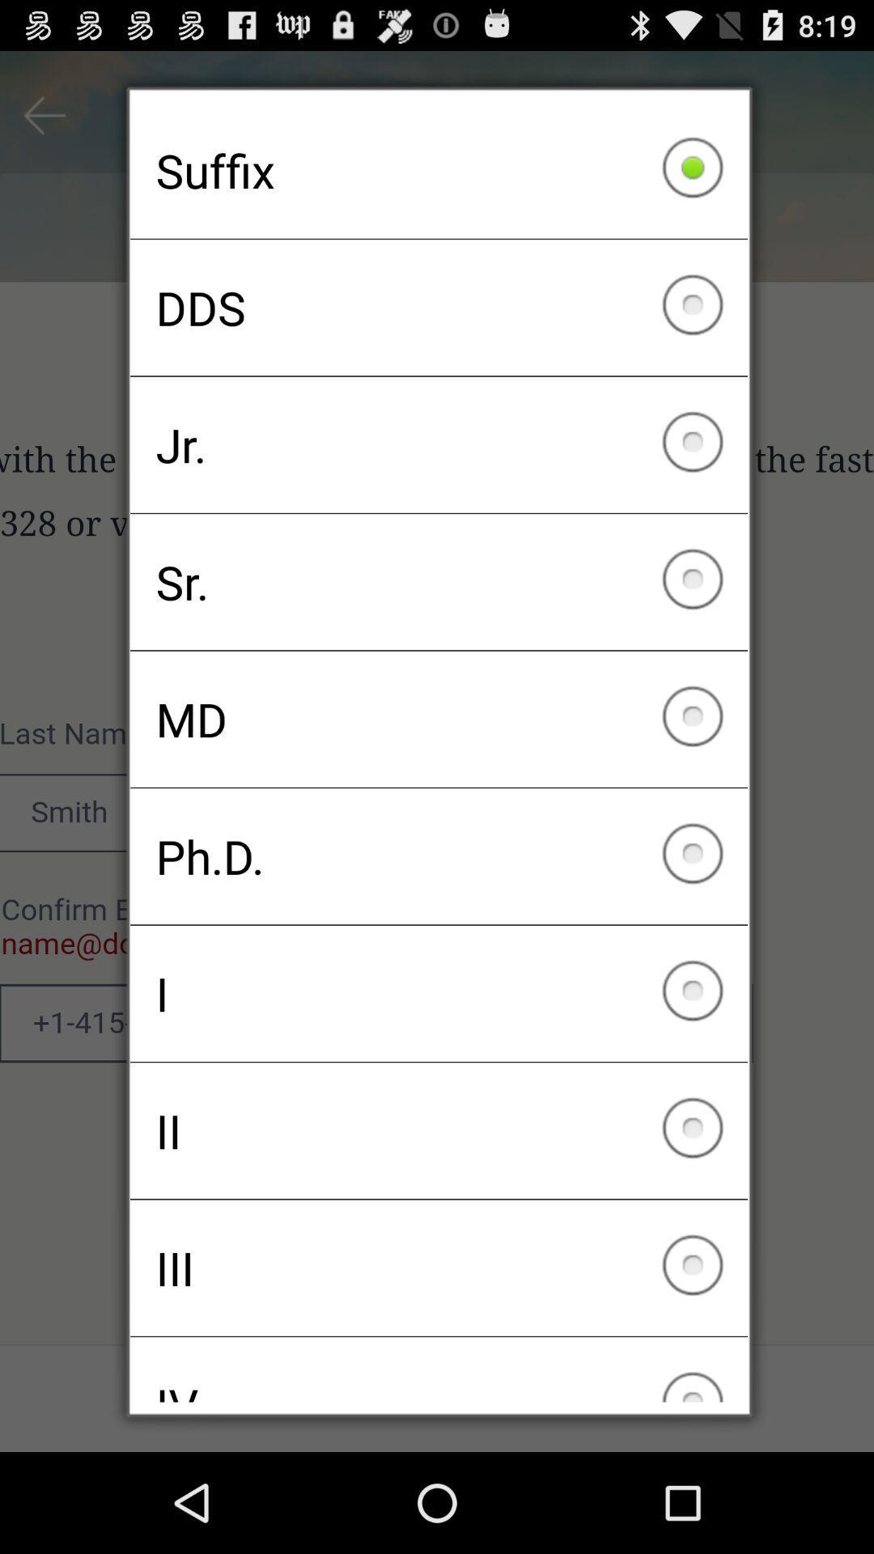 This screenshot has width=874, height=1554. I want to click on ph.d. item, so click(439, 856).